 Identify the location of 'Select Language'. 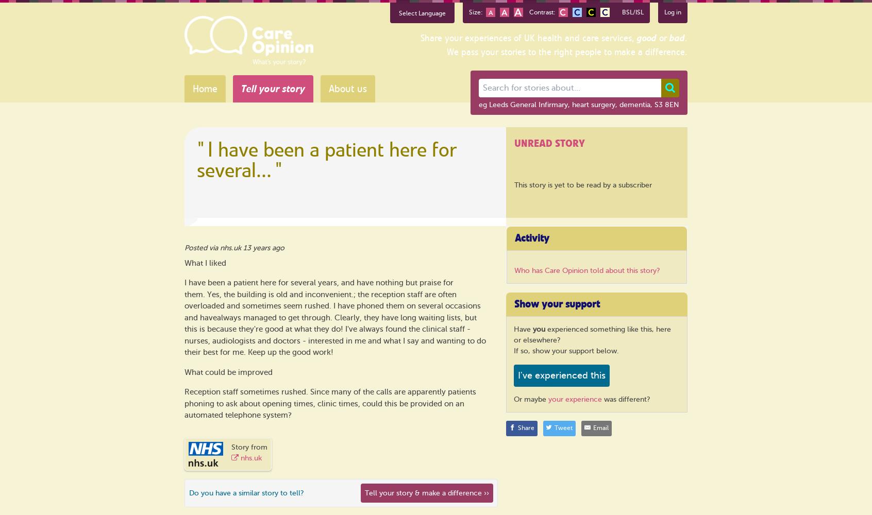
(422, 13).